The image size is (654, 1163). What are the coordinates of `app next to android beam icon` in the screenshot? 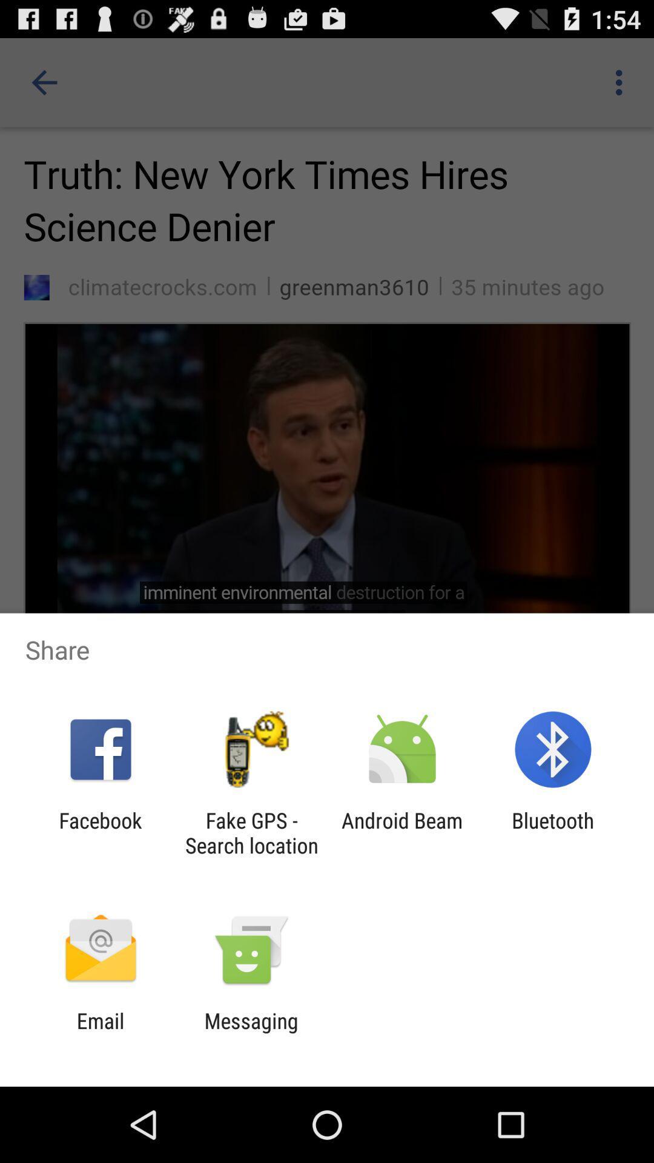 It's located at (251, 832).